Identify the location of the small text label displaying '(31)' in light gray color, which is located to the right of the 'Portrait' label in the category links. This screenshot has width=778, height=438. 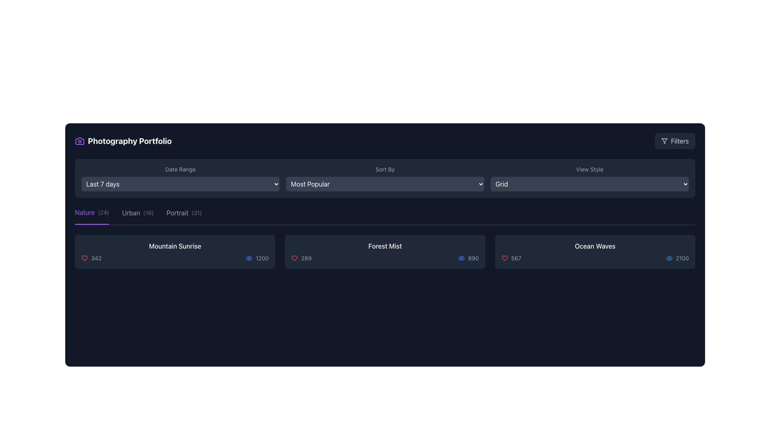
(197, 212).